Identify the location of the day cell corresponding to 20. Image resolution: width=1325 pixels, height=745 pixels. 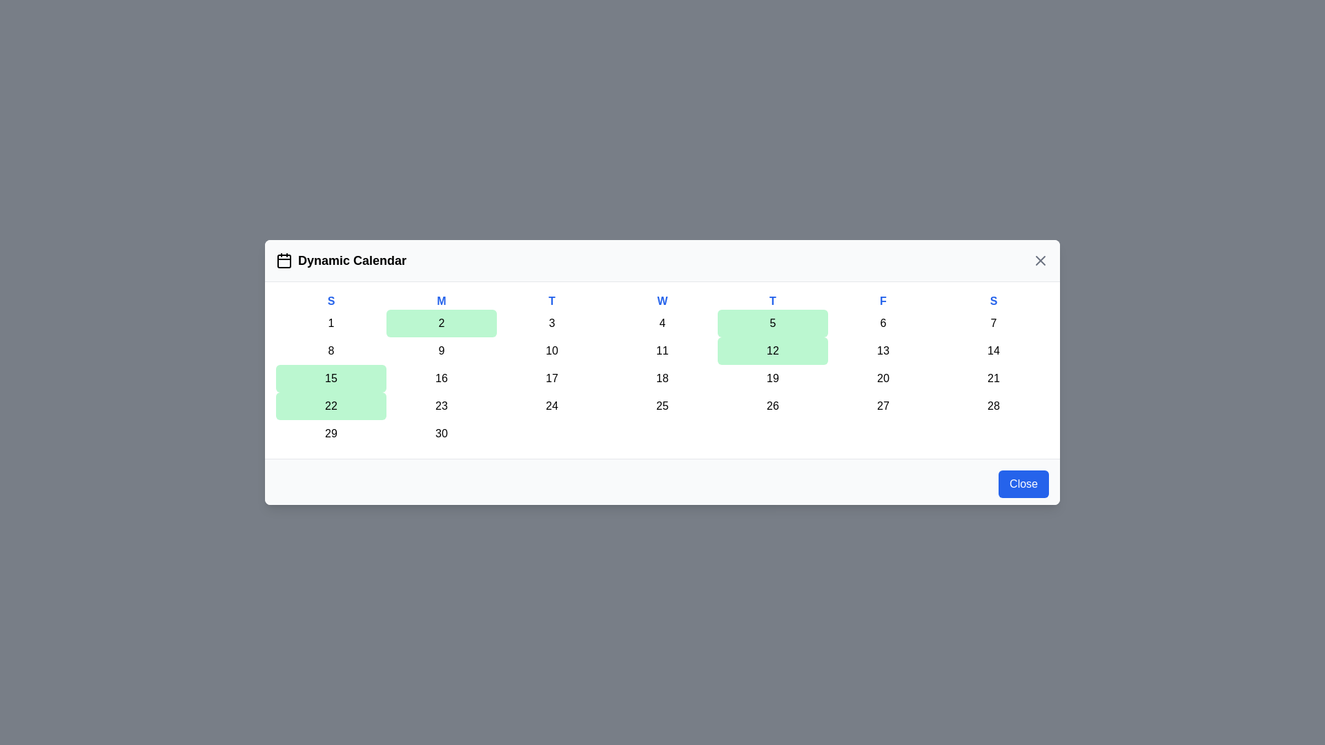
(883, 378).